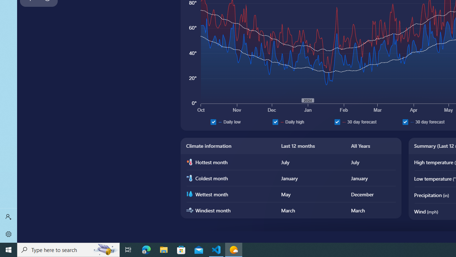 The width and height of the screenshot is (456, 257). What do you see at coordinates (9, 217) in the screenshot?
I see `'Sign in'` at bounding box center [9, 217].